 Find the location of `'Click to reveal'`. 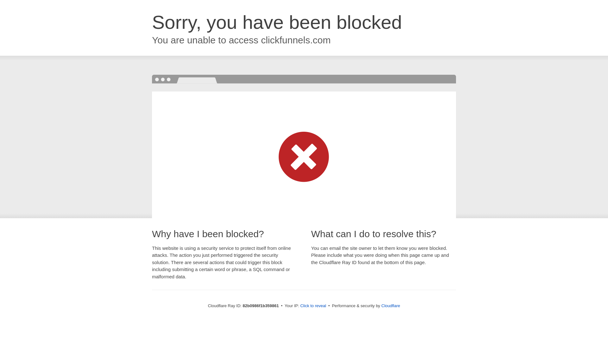

'Click to reveal' is located at coordinates (313, 305).